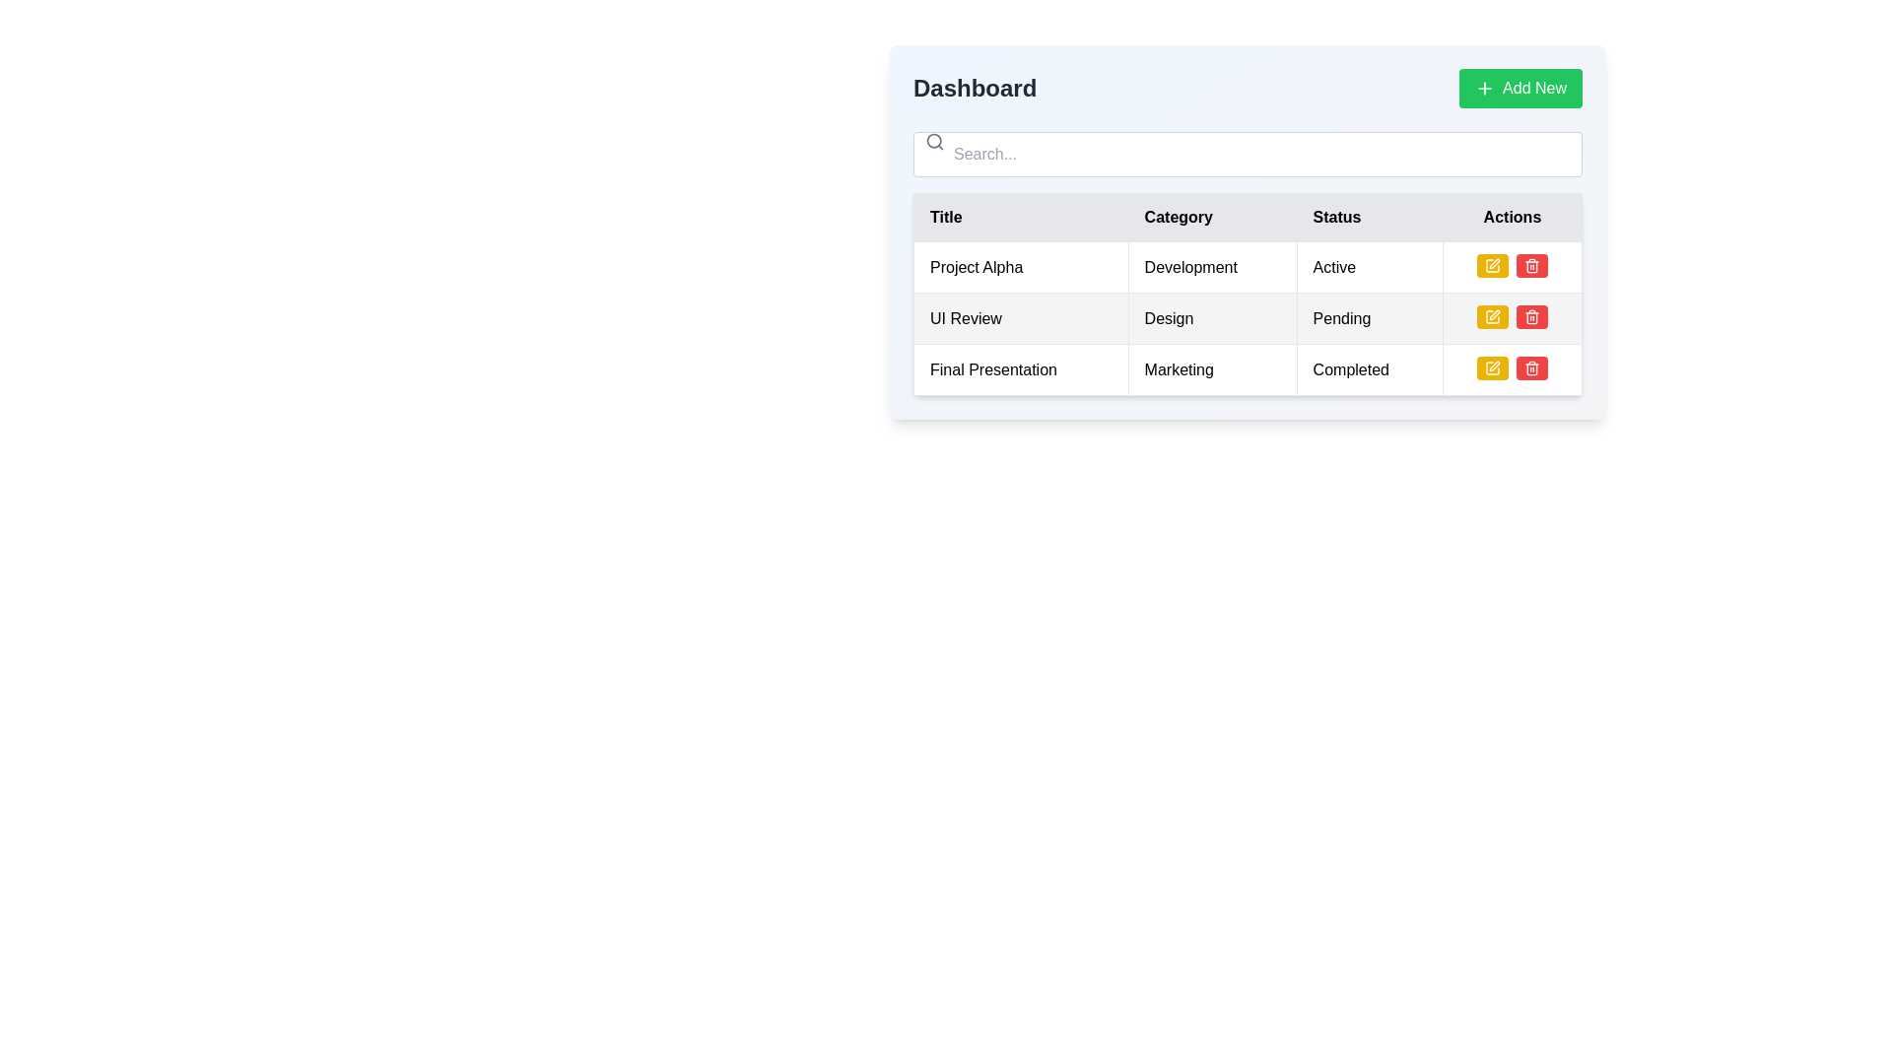 This screenshot has width=1892, height=1064. I want to click on the trash bin icon with a red background located in the last position of the 'Actions' column in the table, so click(1531, 368).